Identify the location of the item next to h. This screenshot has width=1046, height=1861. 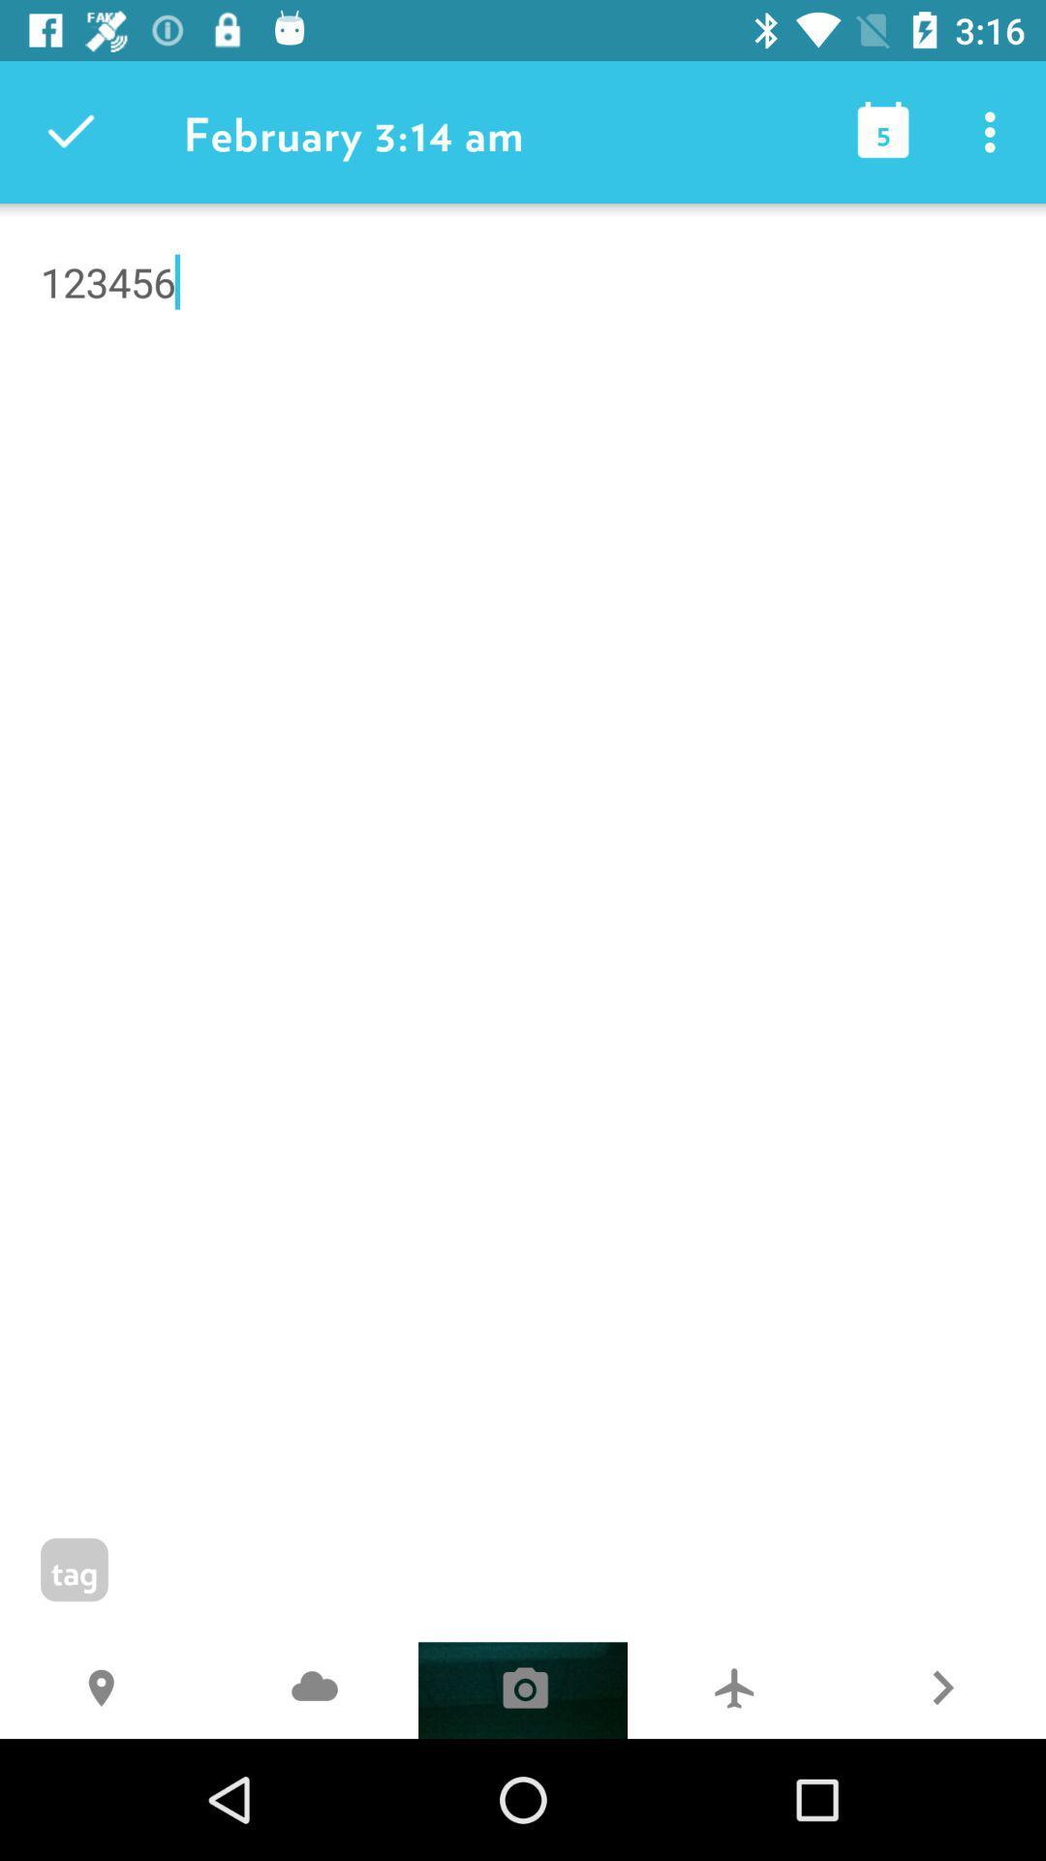
(313, 1689).